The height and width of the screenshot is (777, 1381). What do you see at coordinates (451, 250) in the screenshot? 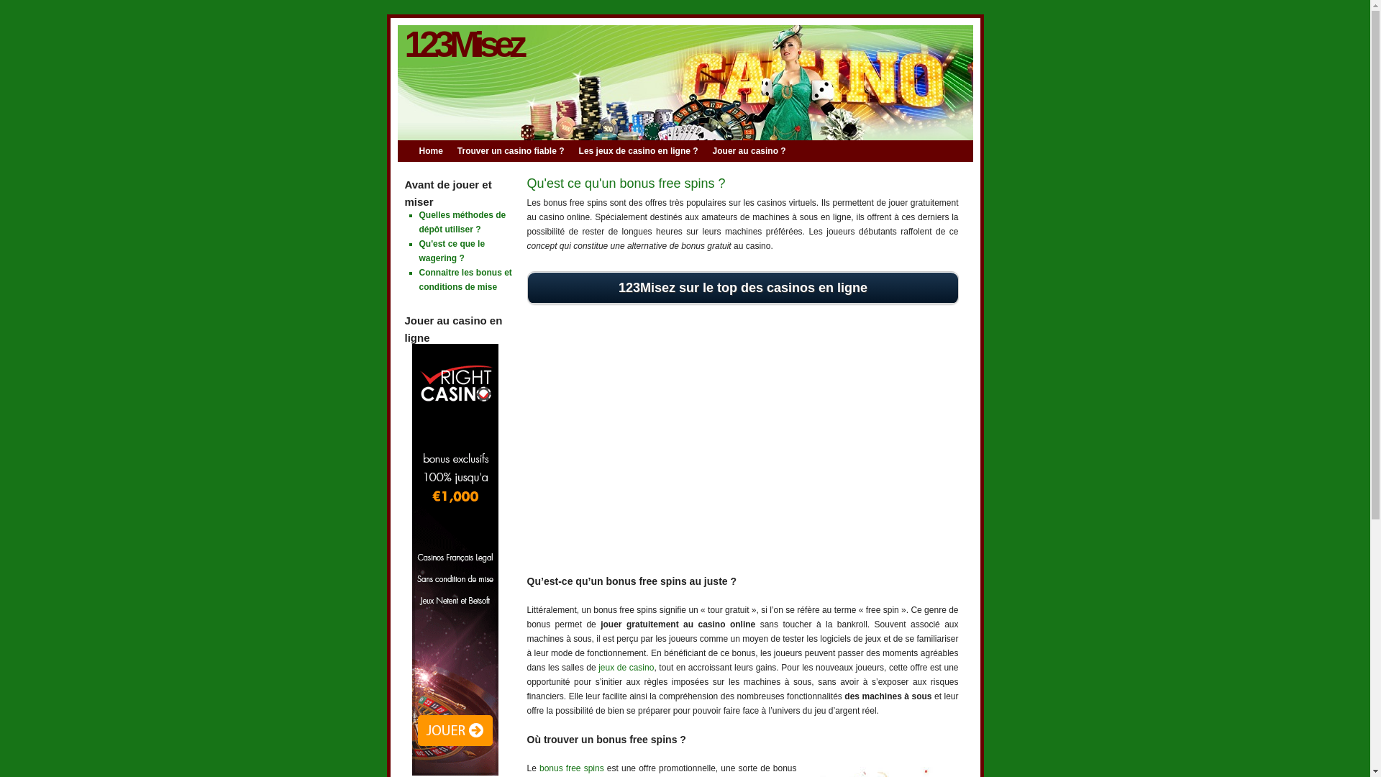
I see `'Qu'est ce que le wagering ?'` at bounding box center [451, 250].